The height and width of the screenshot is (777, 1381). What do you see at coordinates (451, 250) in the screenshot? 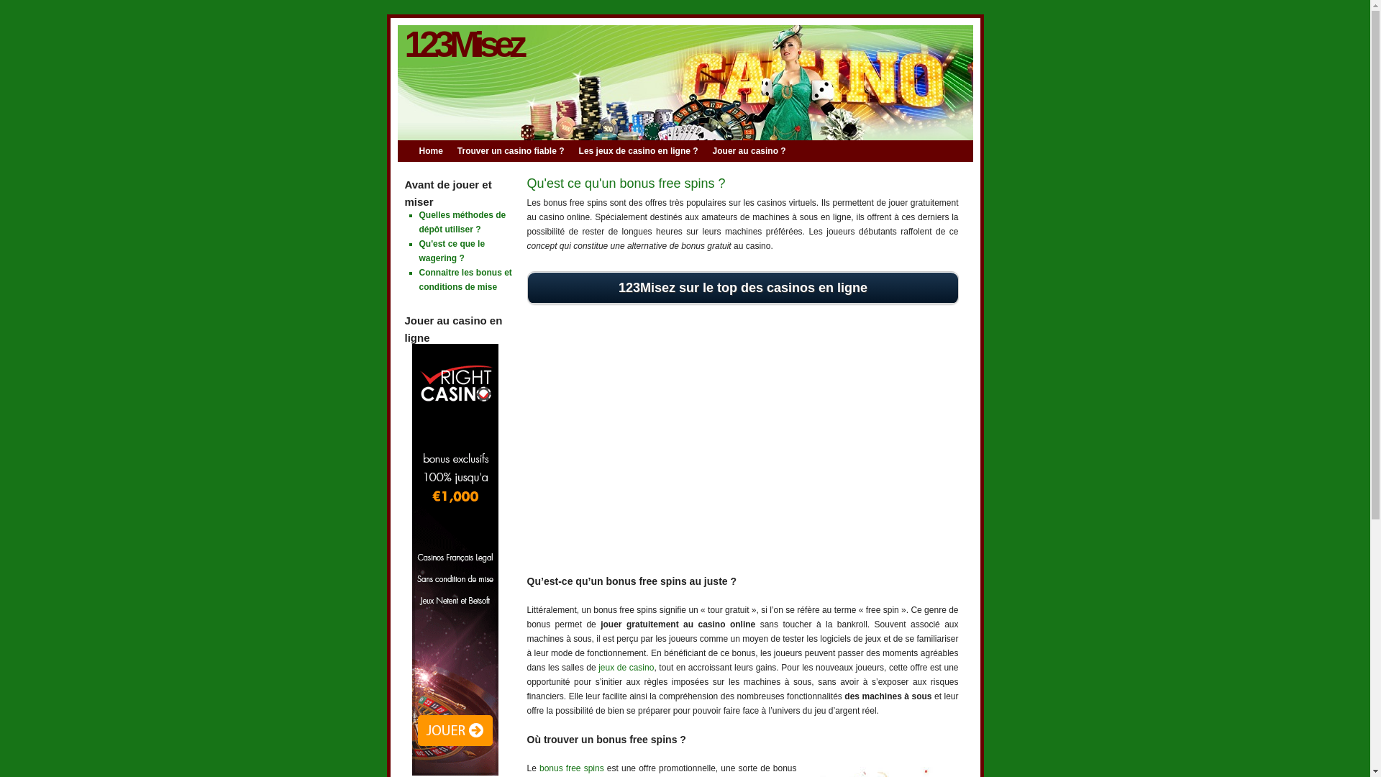
I see `'Qu'est ce que le wagering ?'` at bounding box center [451, 250].